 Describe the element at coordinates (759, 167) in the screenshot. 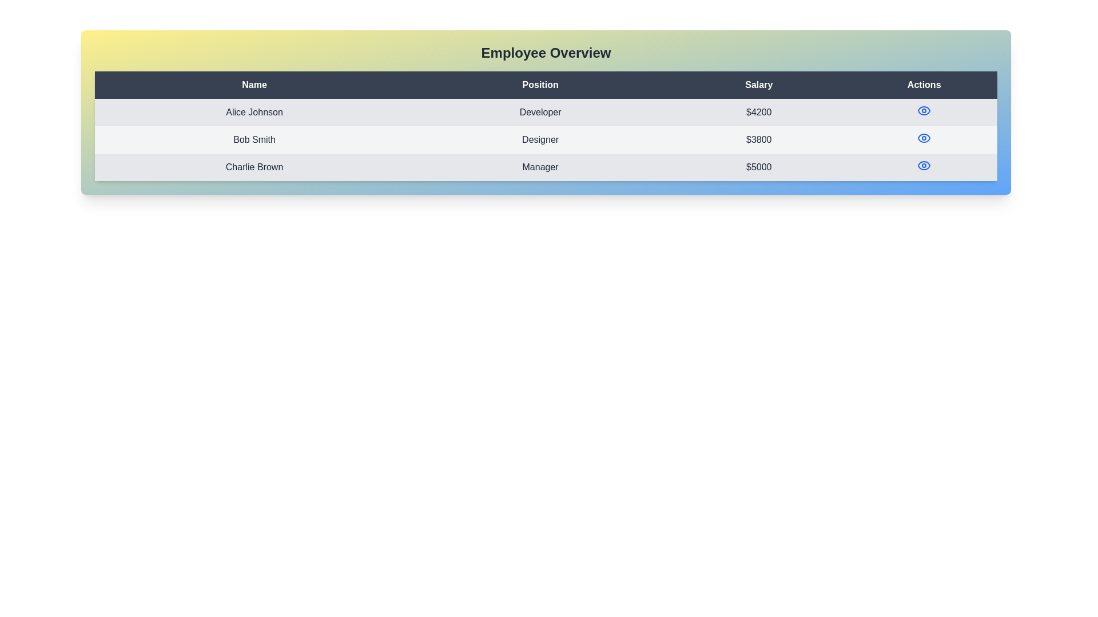

I see `the text label displaying '$5000' in bold black font under the 'Salary' column for 'Charlie Brown' in the employee overview table` at that location.